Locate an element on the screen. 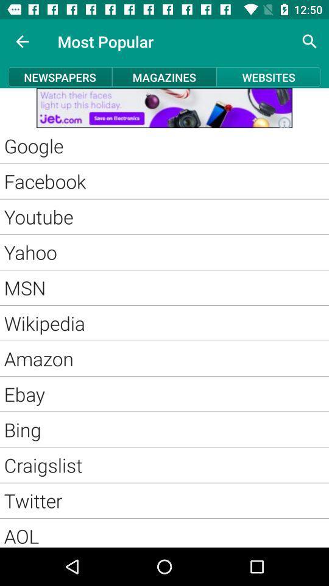  advertisement is located at coordinates (164, 107).